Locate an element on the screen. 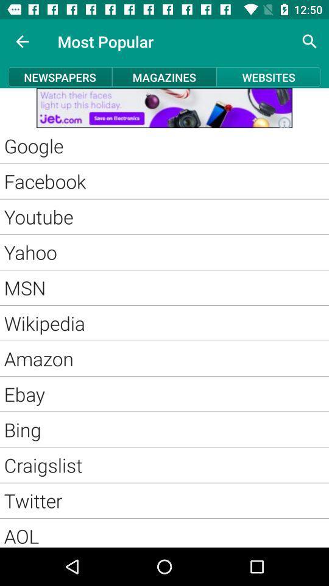  advertisement is located at coordinates (164, 107).